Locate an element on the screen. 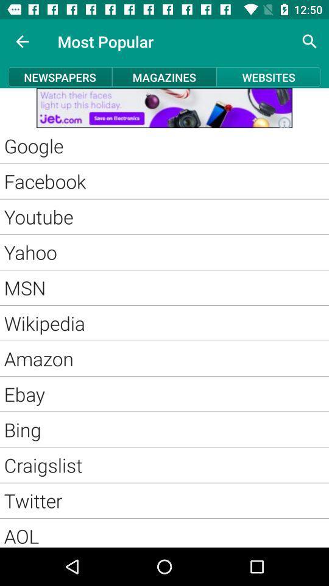  advertisement is located at coordinates (164, 107).